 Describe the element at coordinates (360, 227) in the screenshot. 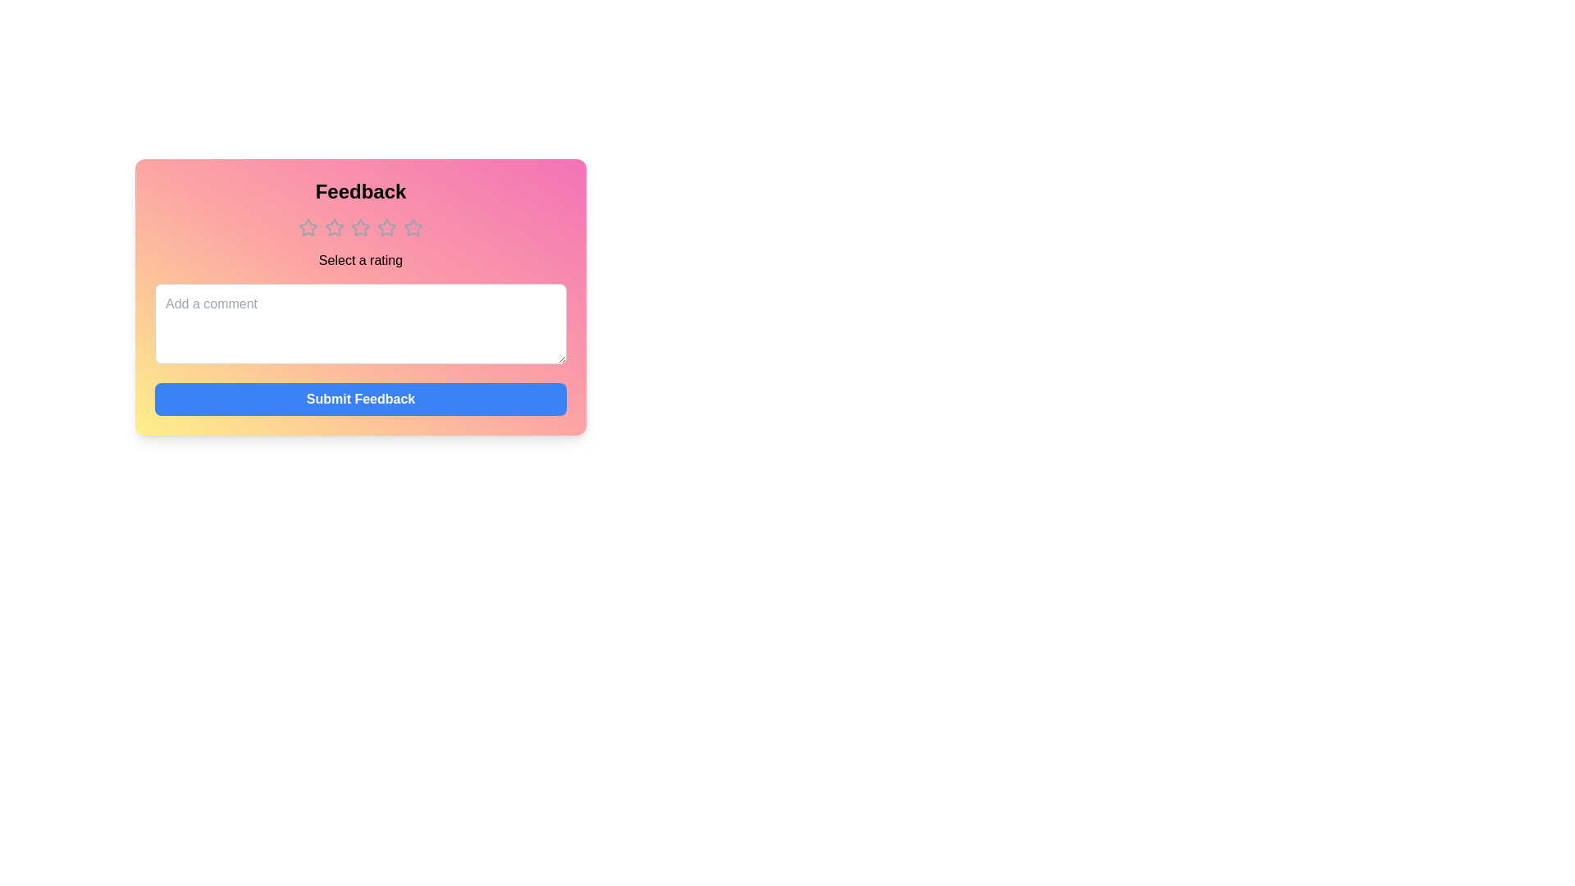

I see `the star corresponding to 3 to see its description` at that location.